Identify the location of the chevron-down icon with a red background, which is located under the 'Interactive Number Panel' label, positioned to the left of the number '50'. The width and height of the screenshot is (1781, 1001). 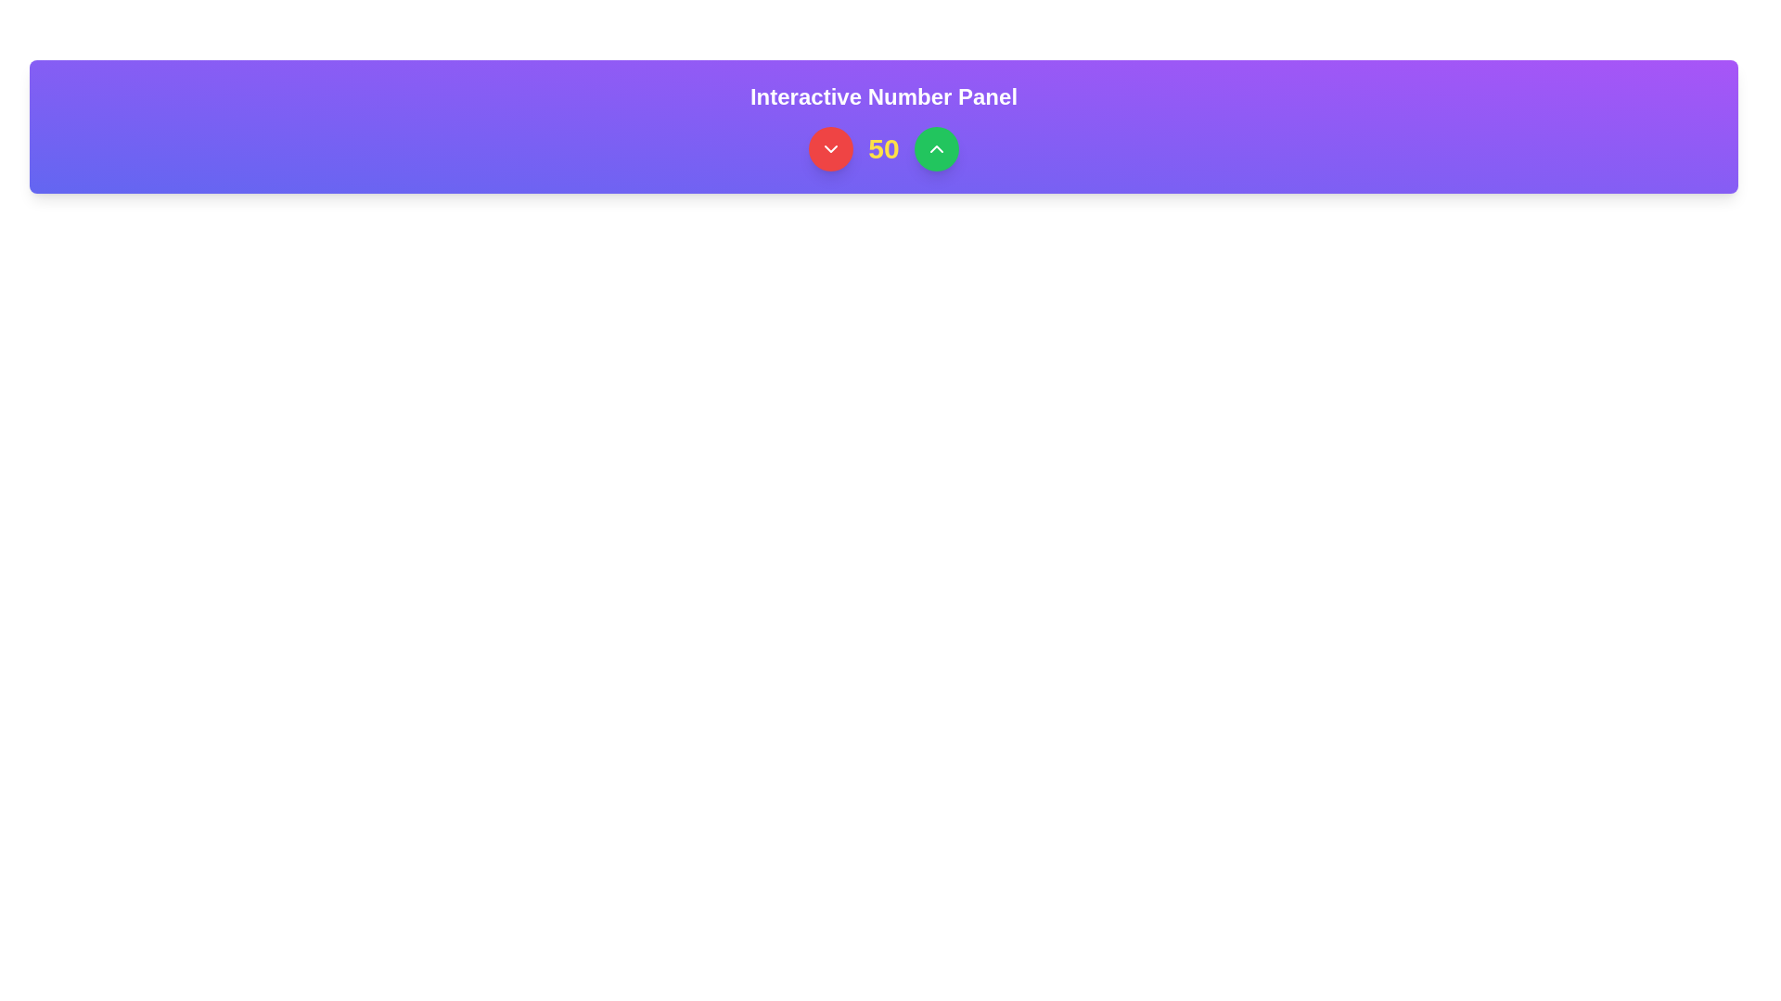
(830, 148).